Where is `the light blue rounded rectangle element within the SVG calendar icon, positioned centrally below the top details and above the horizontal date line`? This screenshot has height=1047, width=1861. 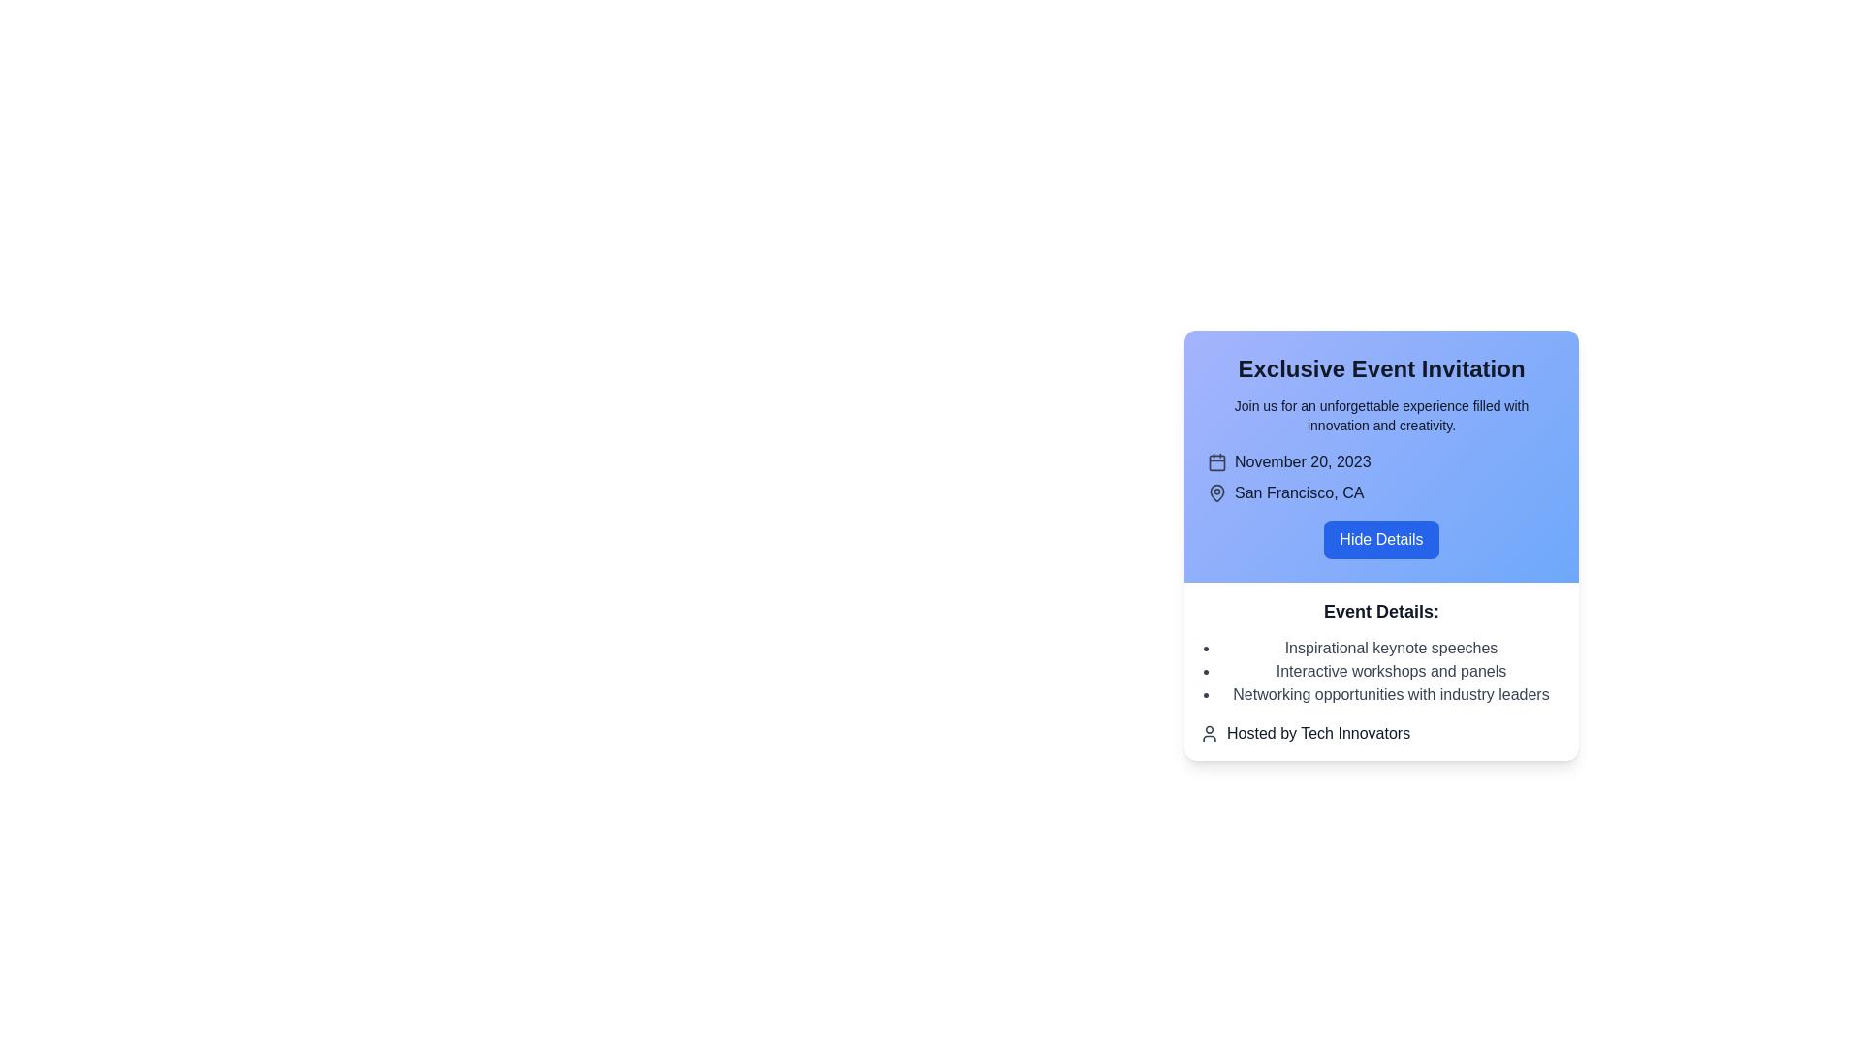 the light blue rounded rectangle element within the SVG calendar icon, positioned centrally below the top details and above the horizontal date line is located at coordinates (1216, 462).